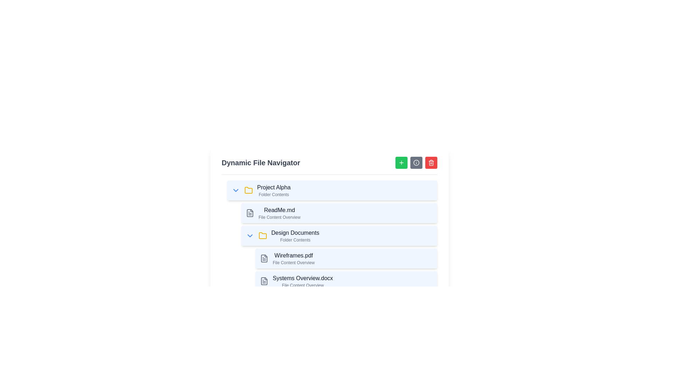 The height and width of the screenshot is (383, 681). What do you see at coordinates (339, 259) in the screenshot?
I see `the first file item in the 'Design Documents' folder` at bounding box center [339, 259].